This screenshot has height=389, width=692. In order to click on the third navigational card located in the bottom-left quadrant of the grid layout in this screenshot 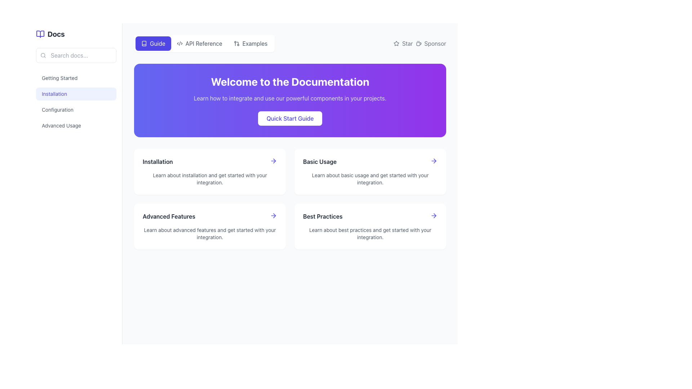, I will do `click(209, 226)`.